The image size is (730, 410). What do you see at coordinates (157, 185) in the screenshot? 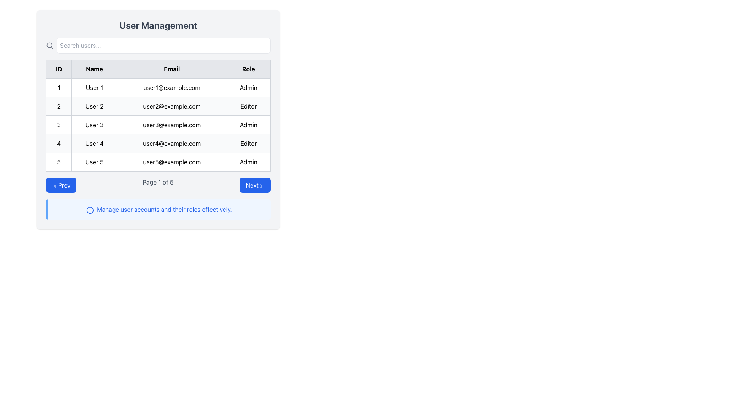
I see `the Text Label that displays the current page number and total pages in the pagination context, located centrally between the 'Prev' and 'Next' buttons` at bounding box center [157, 185].